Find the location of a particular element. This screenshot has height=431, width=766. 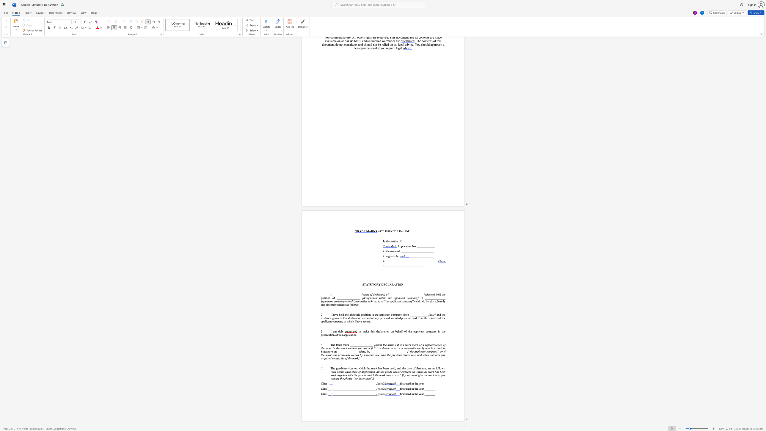

the subset text "TO" within the text "STATUTORY DECLARATION" is located at coordinates (372, 284).